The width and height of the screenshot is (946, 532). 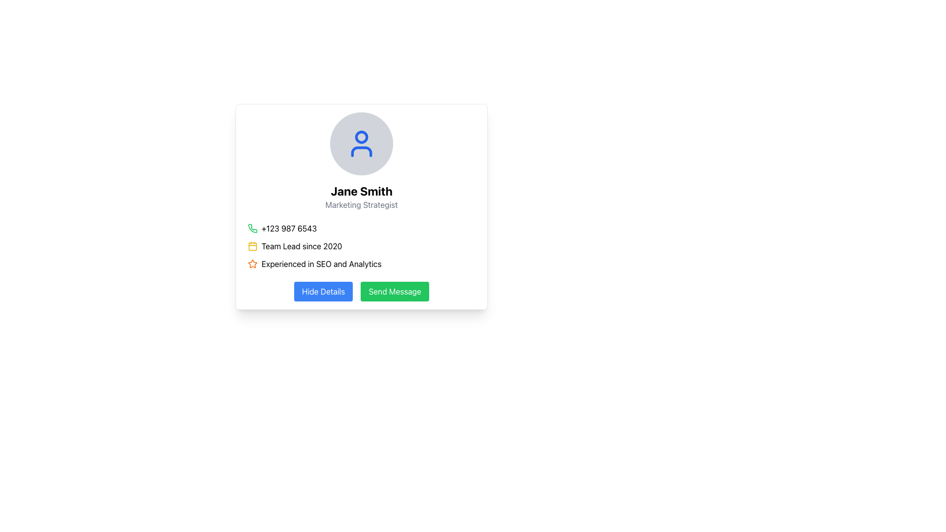 What do you see at coordinates (321, 264) in the screenshot?
I see `the informative text label indicating the user's expertise in SEO and Analytics, which is positioned below 'Team Lead since 2020' and to the right of an orange star icon` at bounding box center [321, 264].